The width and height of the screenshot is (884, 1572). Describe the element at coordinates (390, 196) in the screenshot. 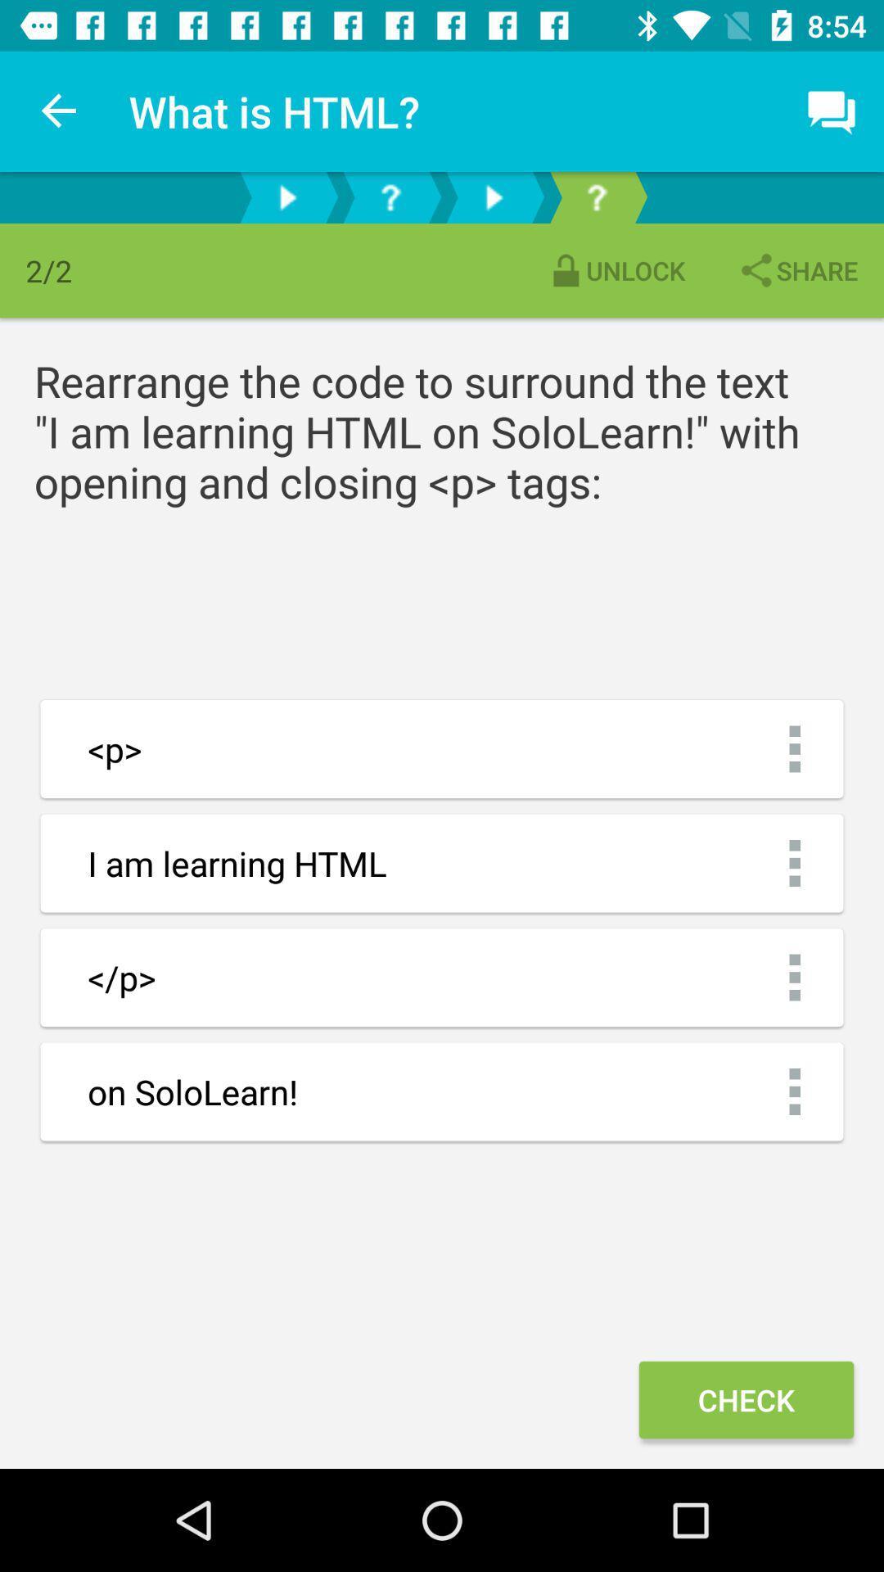

I see `question mark option` at that location.